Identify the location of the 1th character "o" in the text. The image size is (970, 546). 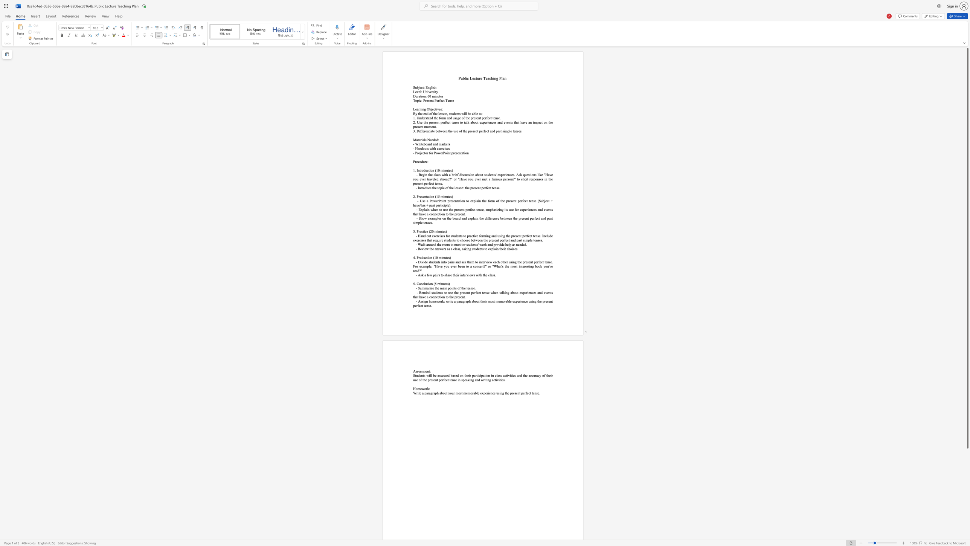
(420, 257).